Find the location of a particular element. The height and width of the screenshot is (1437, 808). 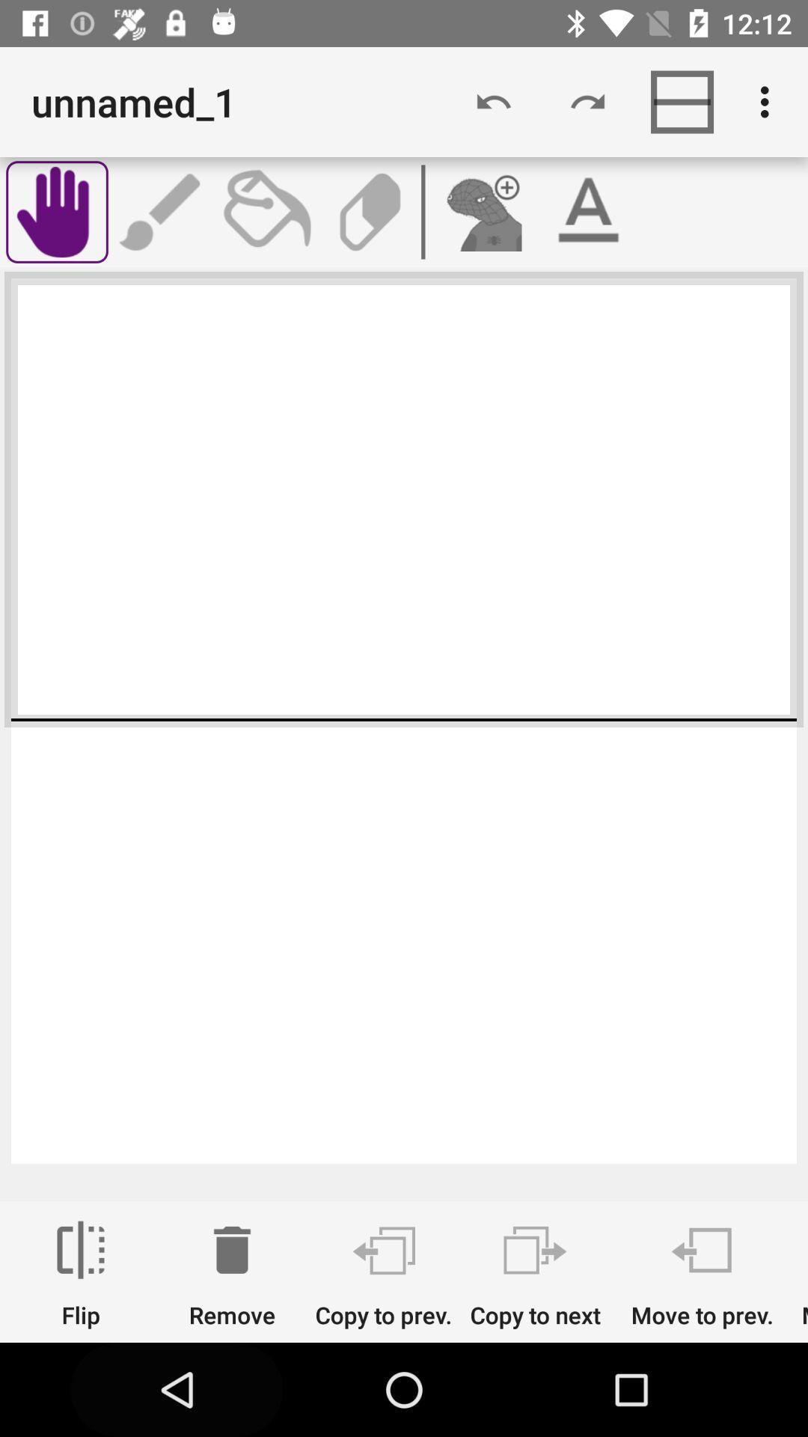

flip icon is located at coordinates (81, 1274).